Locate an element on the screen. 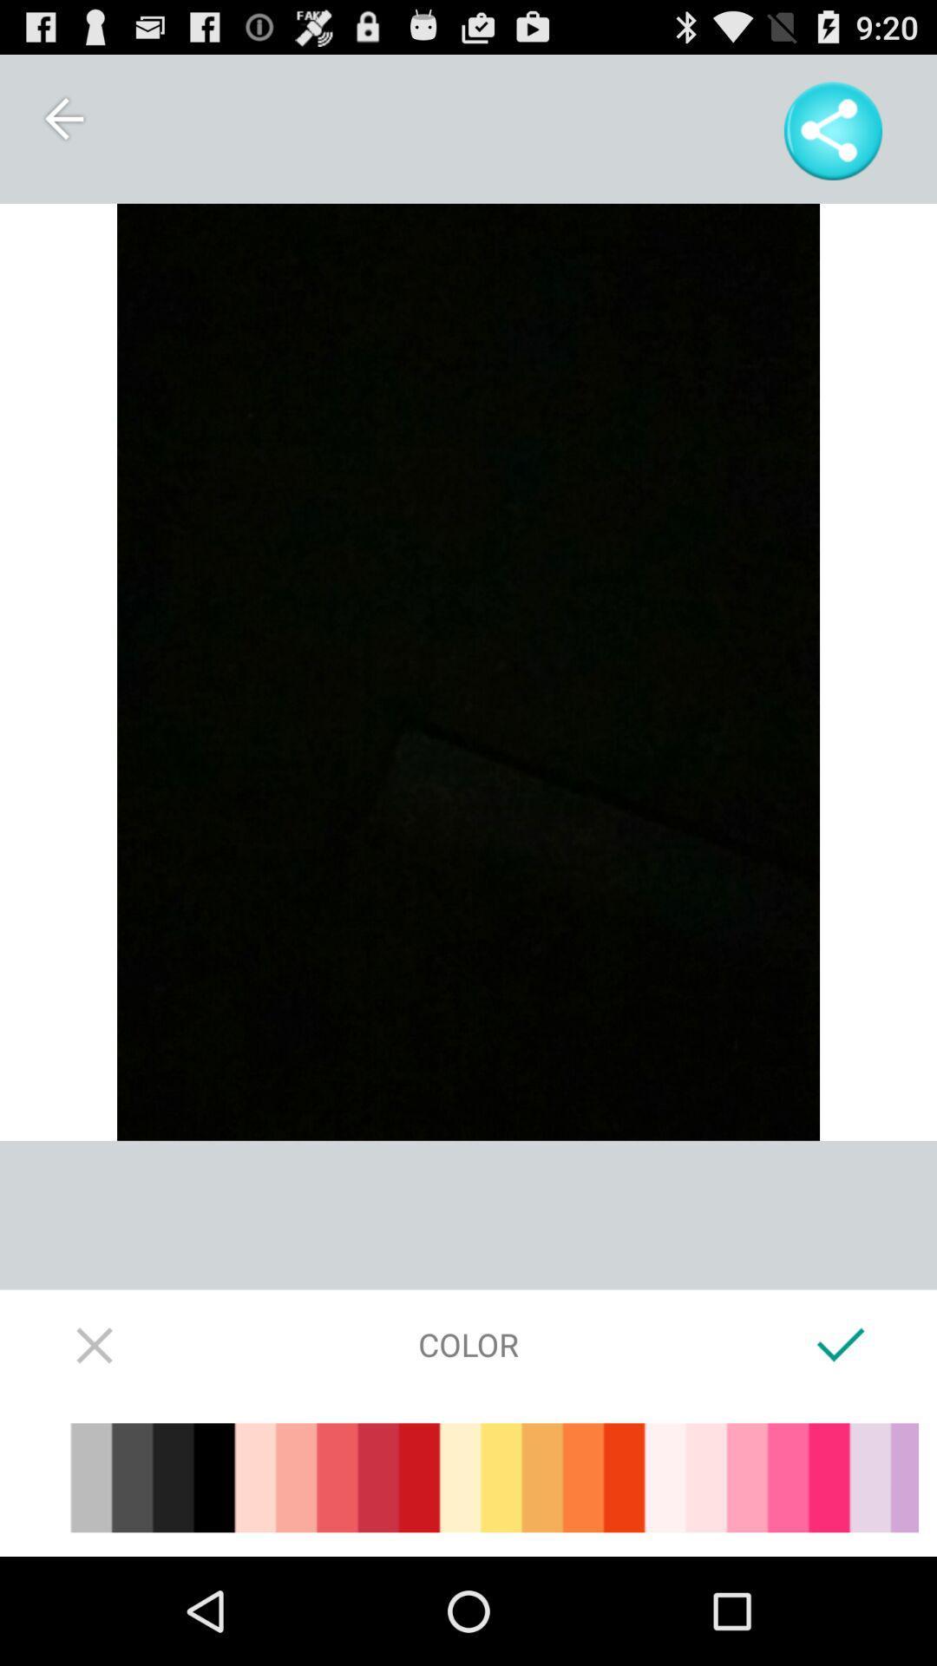 This screenshot has height=1666, width=937. confirmar a ao is located at coordinates (840, 1343).